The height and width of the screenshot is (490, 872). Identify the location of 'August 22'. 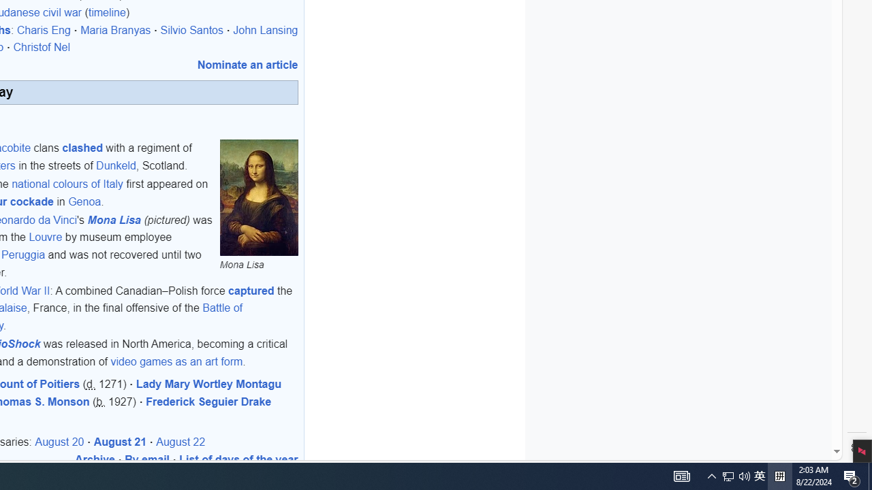
(180, 442).